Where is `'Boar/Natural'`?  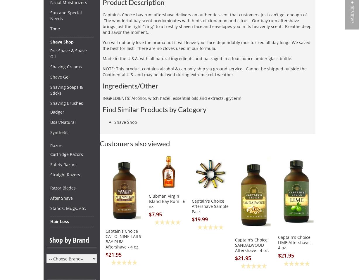 'Boar/Natural' is located at coordinates (63, 122).